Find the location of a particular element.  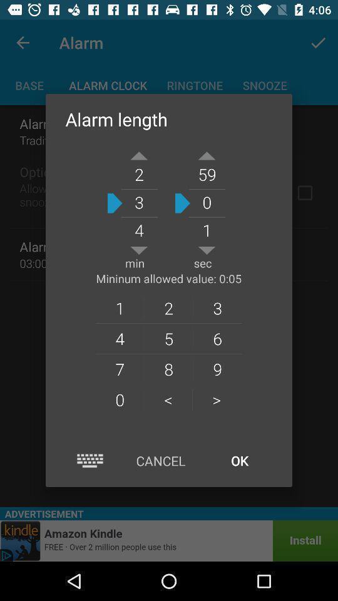

item next to the 2 item is located at coordinates (217, 337).